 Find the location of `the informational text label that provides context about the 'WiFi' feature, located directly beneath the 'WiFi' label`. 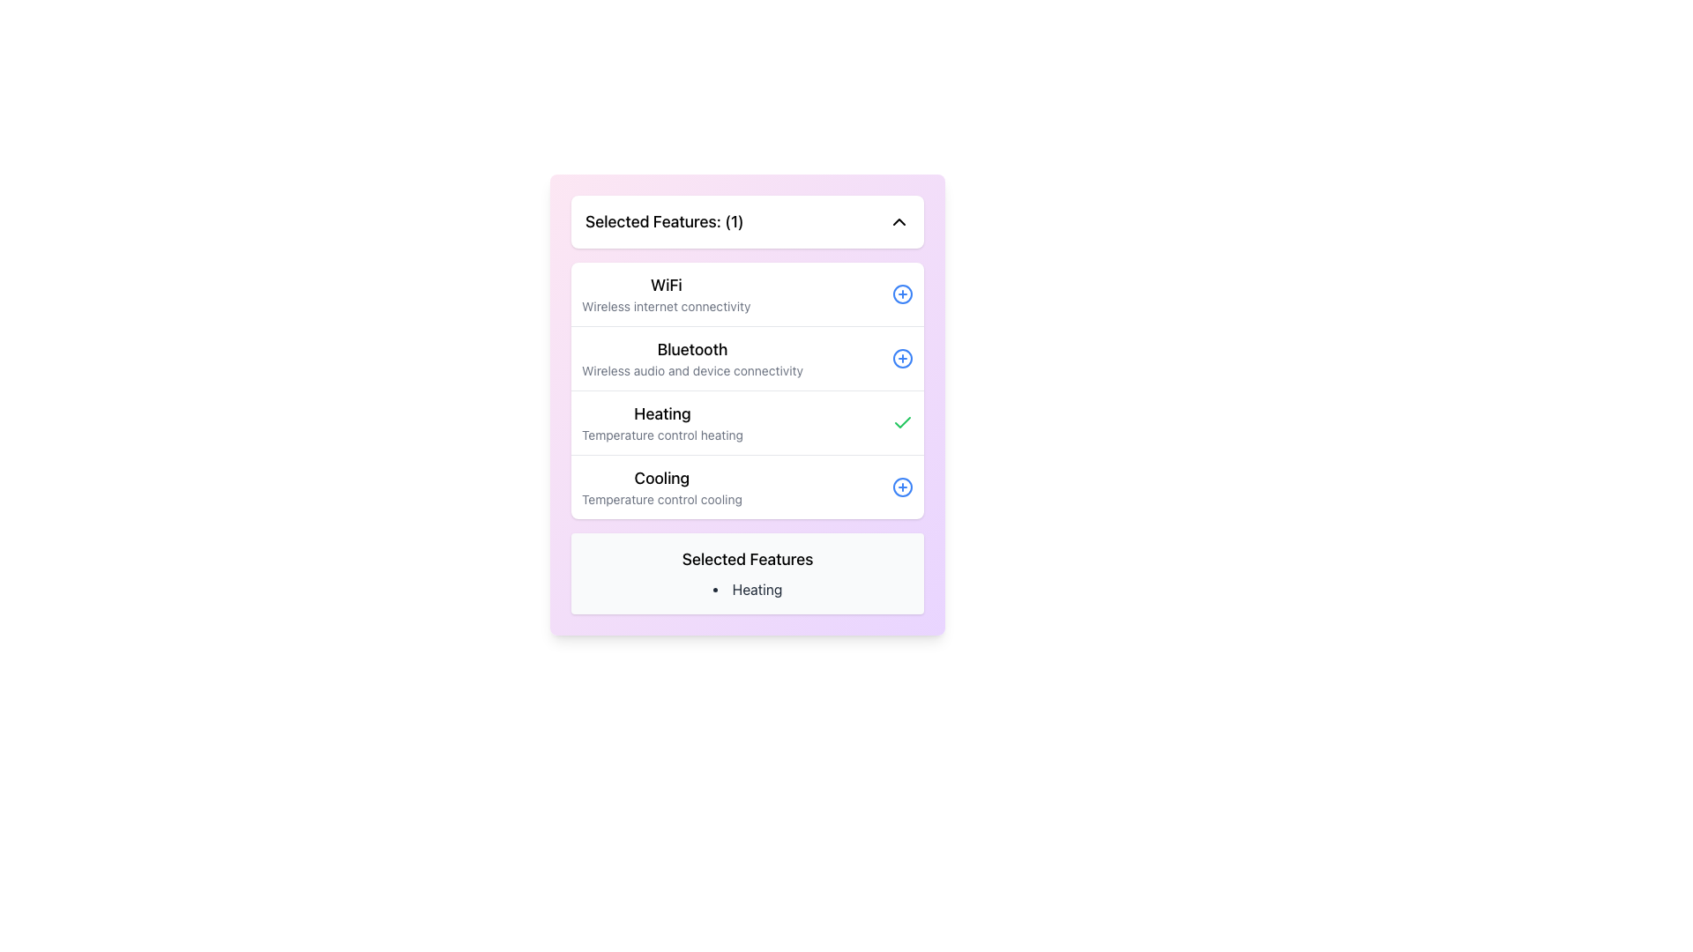

the informational text label that provides context about the 'WiFi' feature, located directly beneath the 'WiFi' label is located at coordinates (665, 305).